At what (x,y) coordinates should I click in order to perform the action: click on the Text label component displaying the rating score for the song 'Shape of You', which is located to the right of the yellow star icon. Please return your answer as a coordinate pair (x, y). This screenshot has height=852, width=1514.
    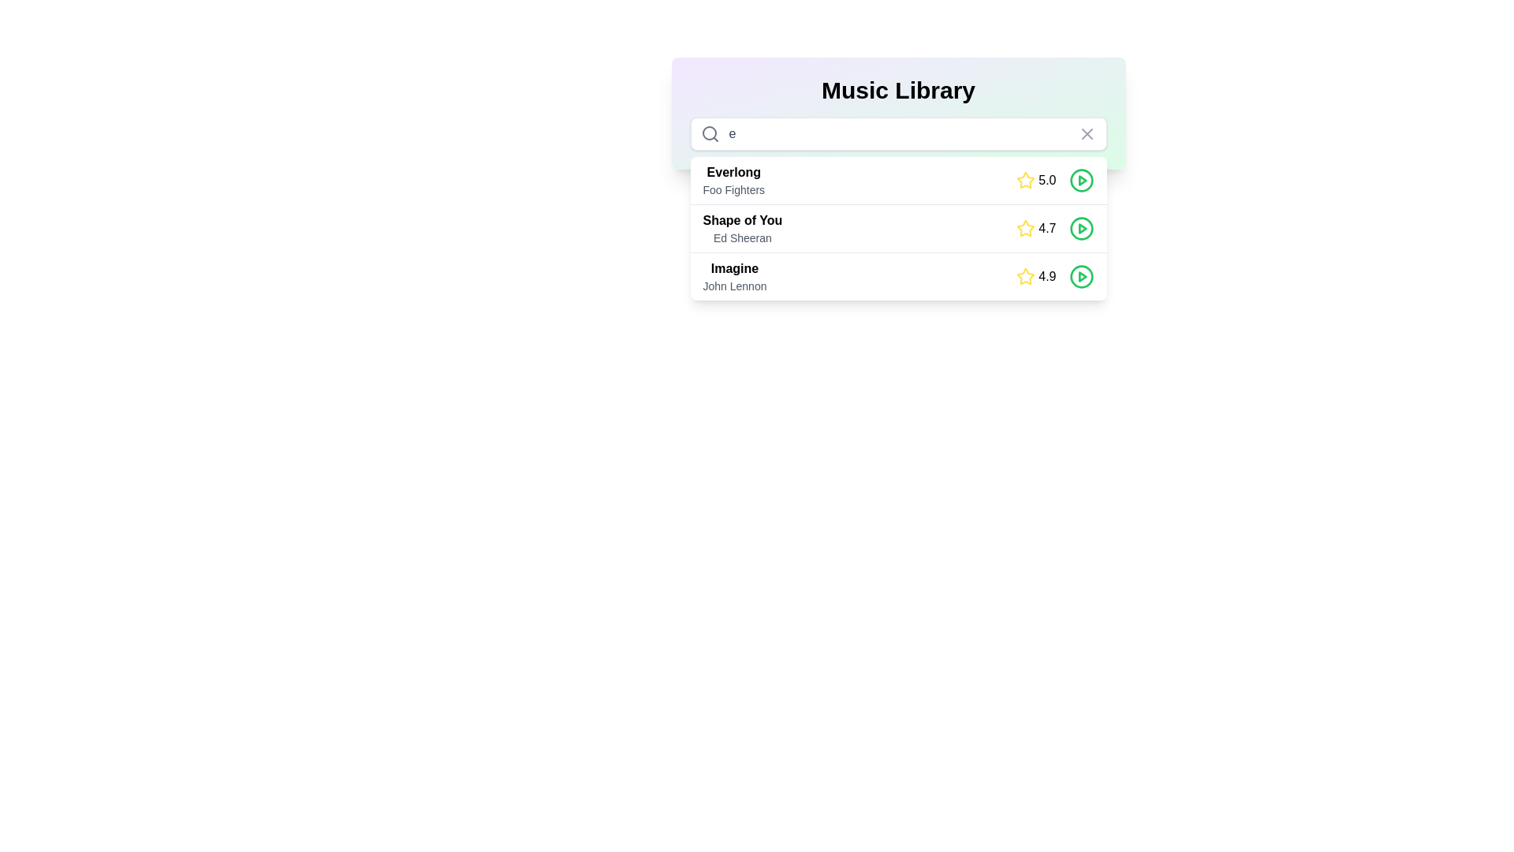
    Looking at the image, I should click on (1047, 228).